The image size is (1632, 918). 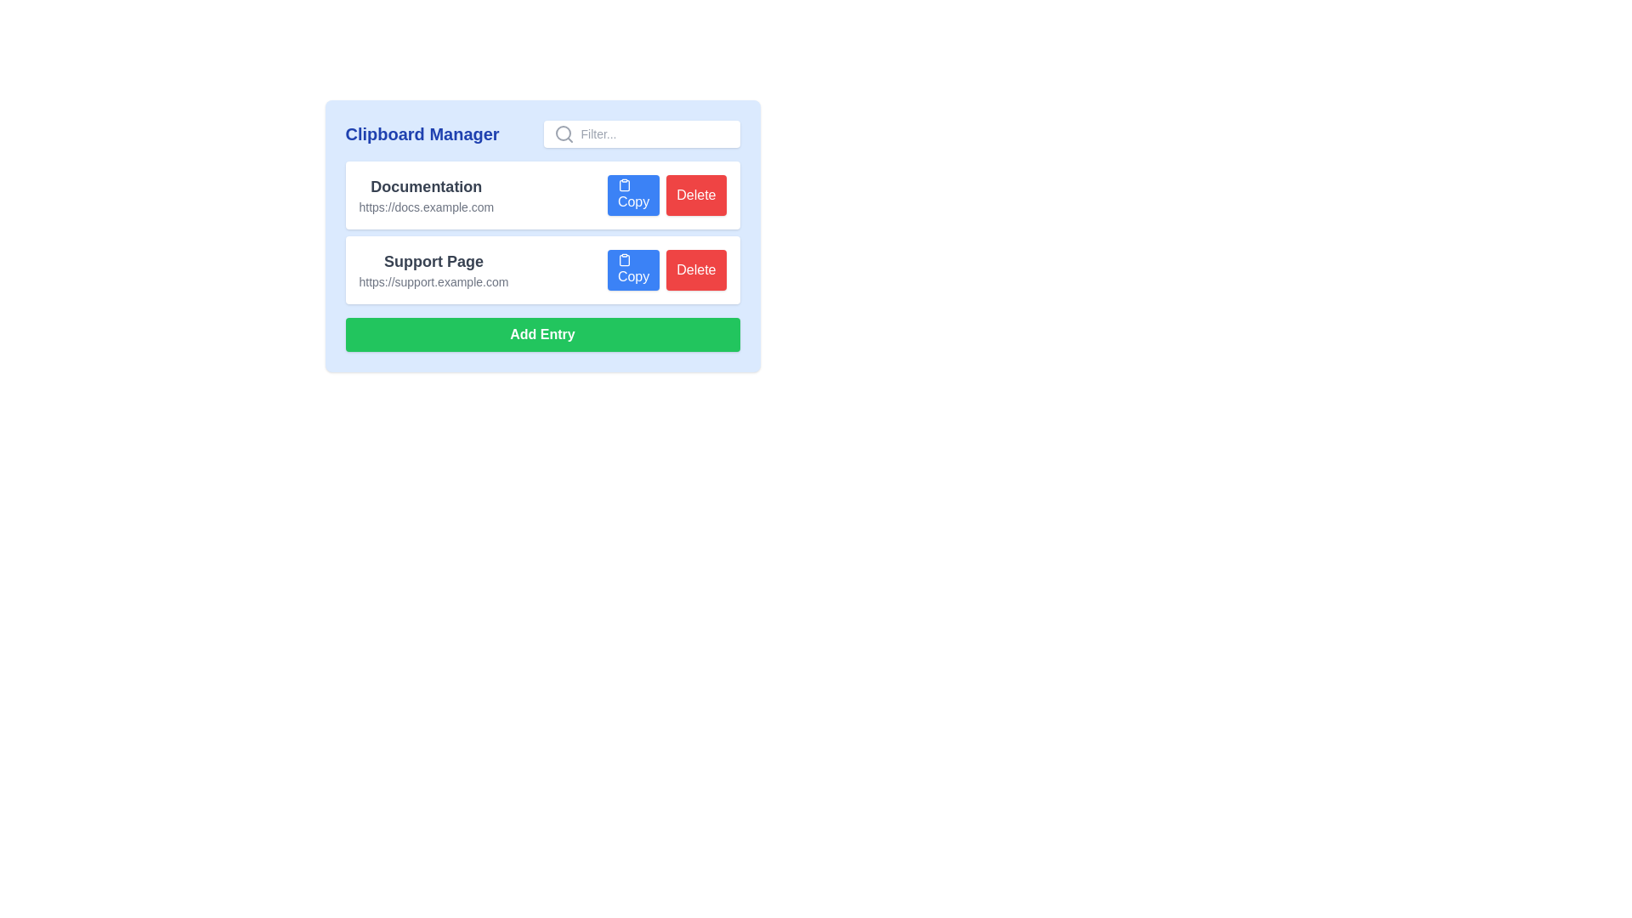 I want to click on the static text 'https://support.example.com' that is displayed in smaller gray text immediately below the bold heading 'Support Page' within a card section, so click(x=433, y=280).